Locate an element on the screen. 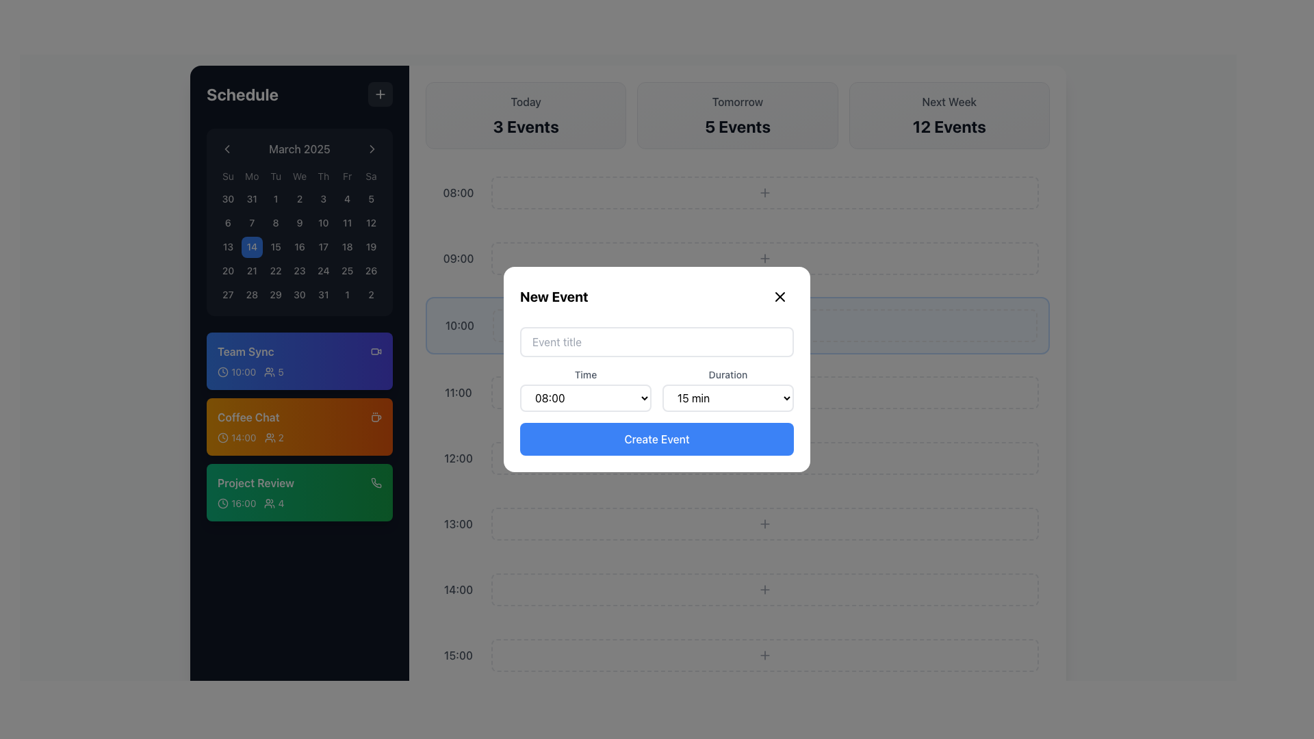 Image resolution: width=1314 pixels, height=739 pixels. the bold text label displaying 'New Event' located at the top-left corner of the modal popup is located at coordinates (554, 296).